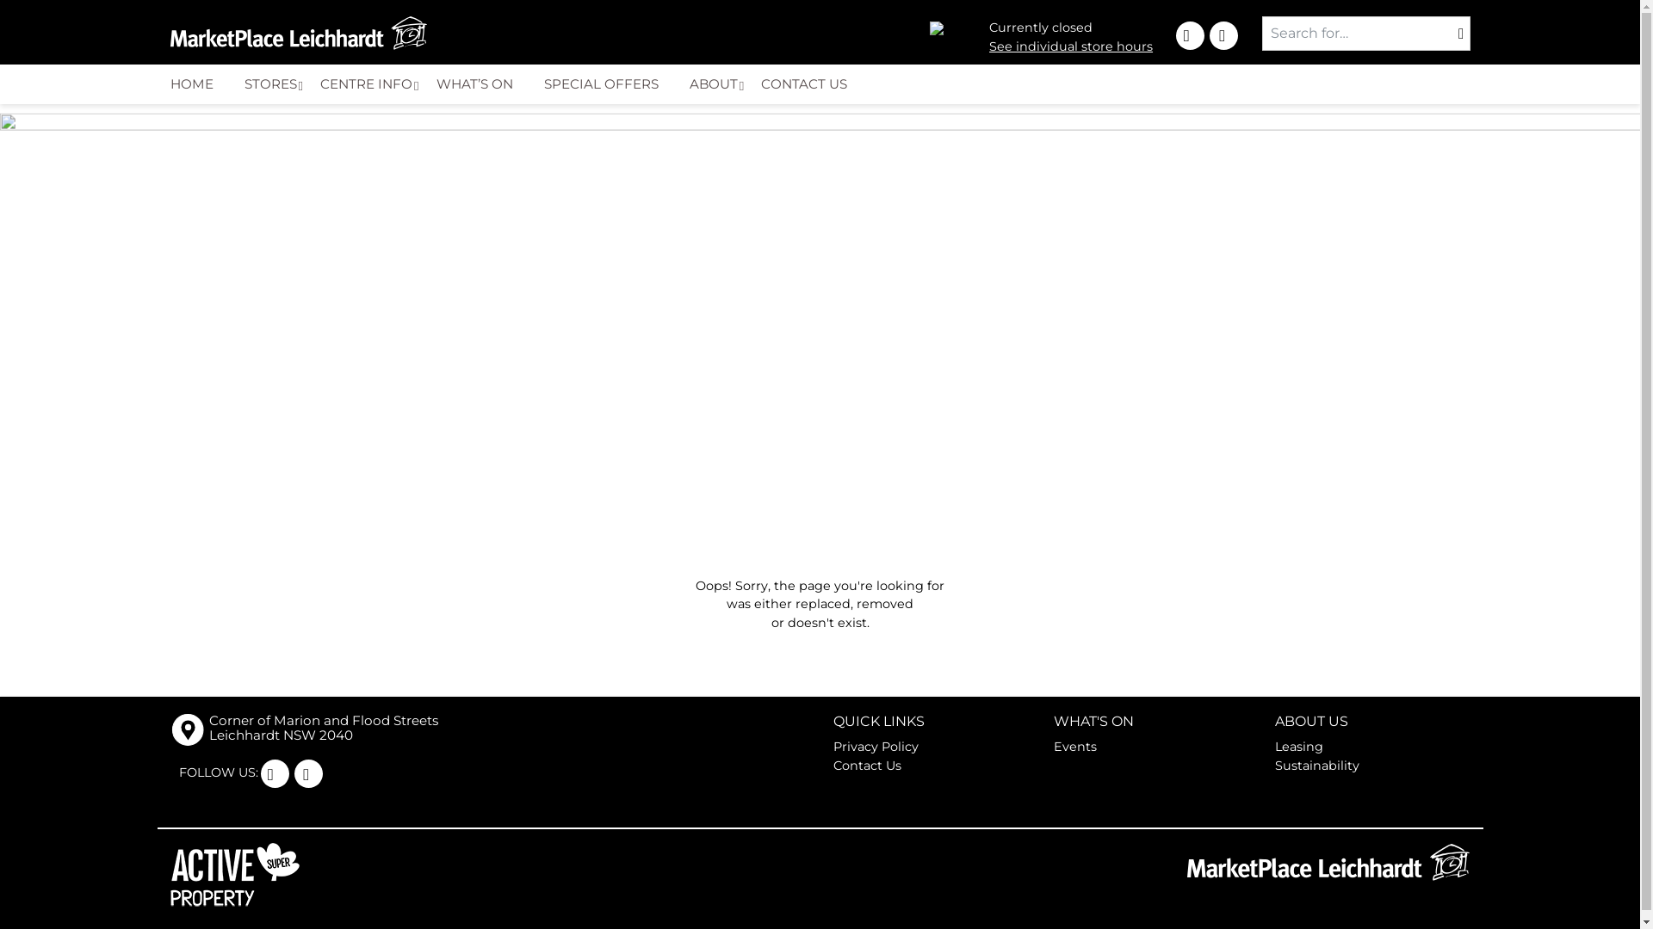 The width and height of the screenshot is (1653, 929). Describe the element at coordinates (608, 83) in the screenshot. I see `'SPECIAL OFFERS'` at that location.